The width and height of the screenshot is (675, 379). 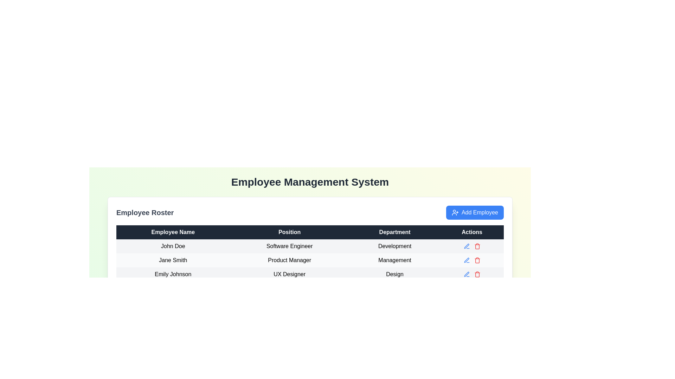 I want to click on the text label displaying the full name of the employee located in the second row of the 'Employee Roster' table under the 'Employee Name' column, so click(x=173, y=260).